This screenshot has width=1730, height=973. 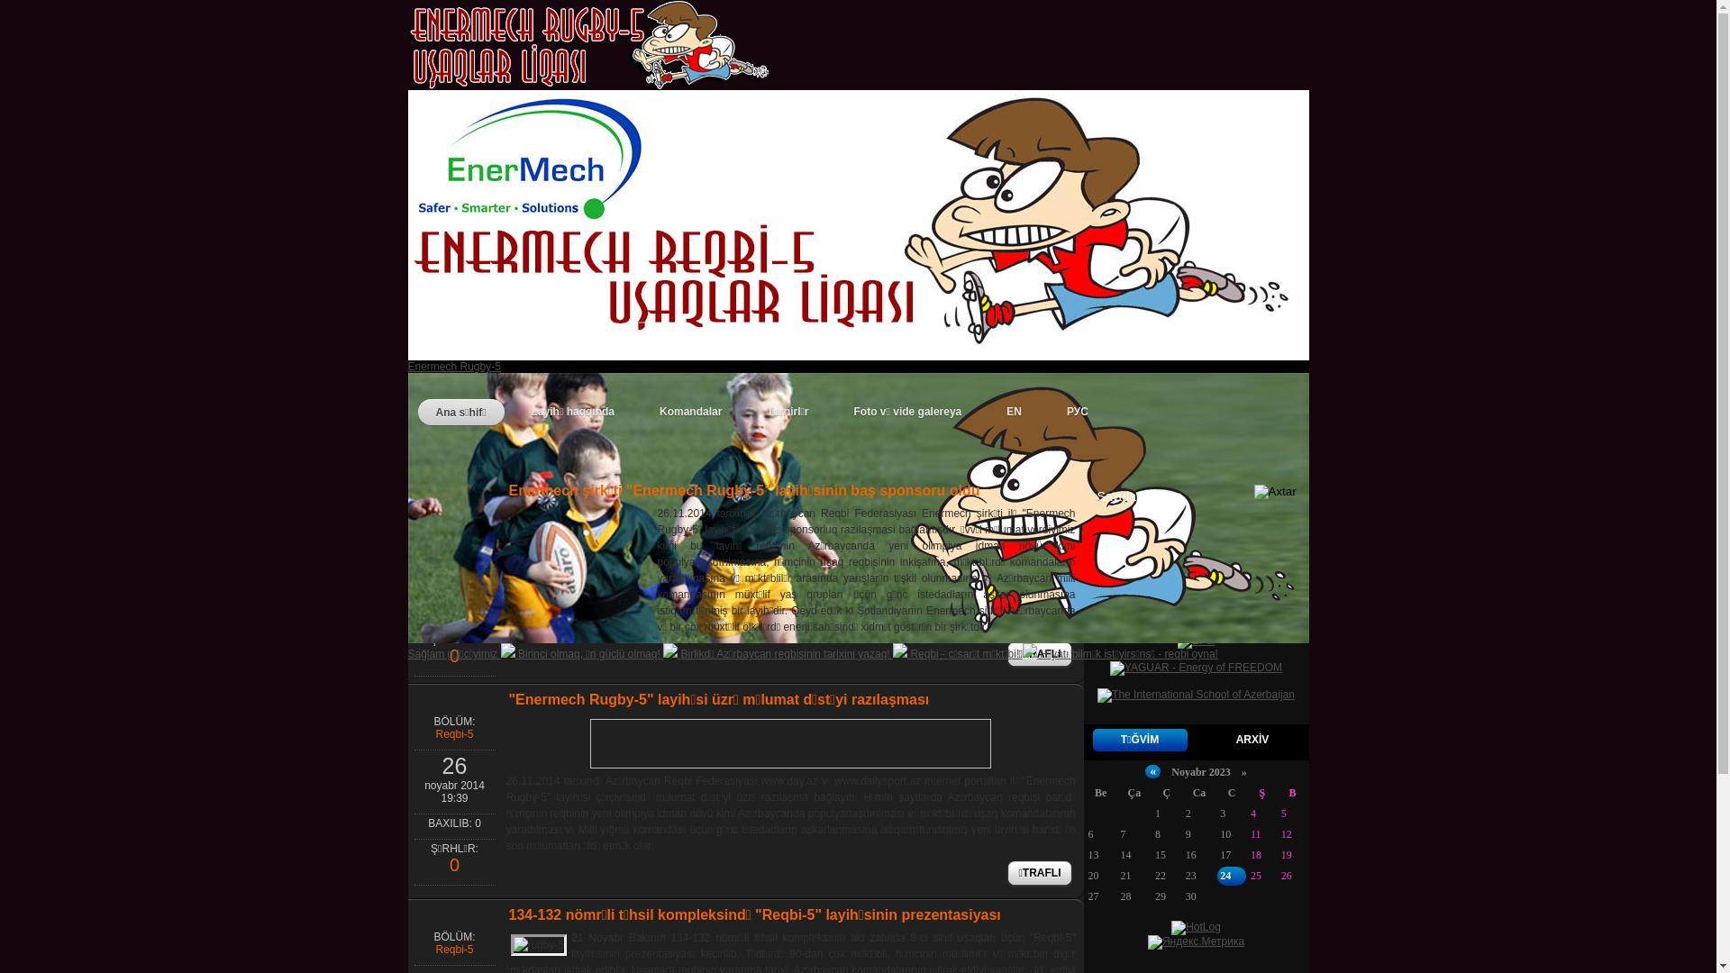 What do you see at coordinates (1253, 495) in the screenshot?
I see `'Axtar'` at bounding box center [1253, 495].